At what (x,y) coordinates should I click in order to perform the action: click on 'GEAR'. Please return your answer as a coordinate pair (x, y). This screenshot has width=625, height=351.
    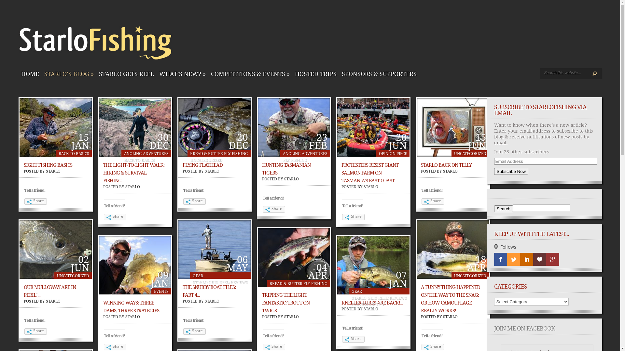
    Looking at the image, I should click on (192, 276).